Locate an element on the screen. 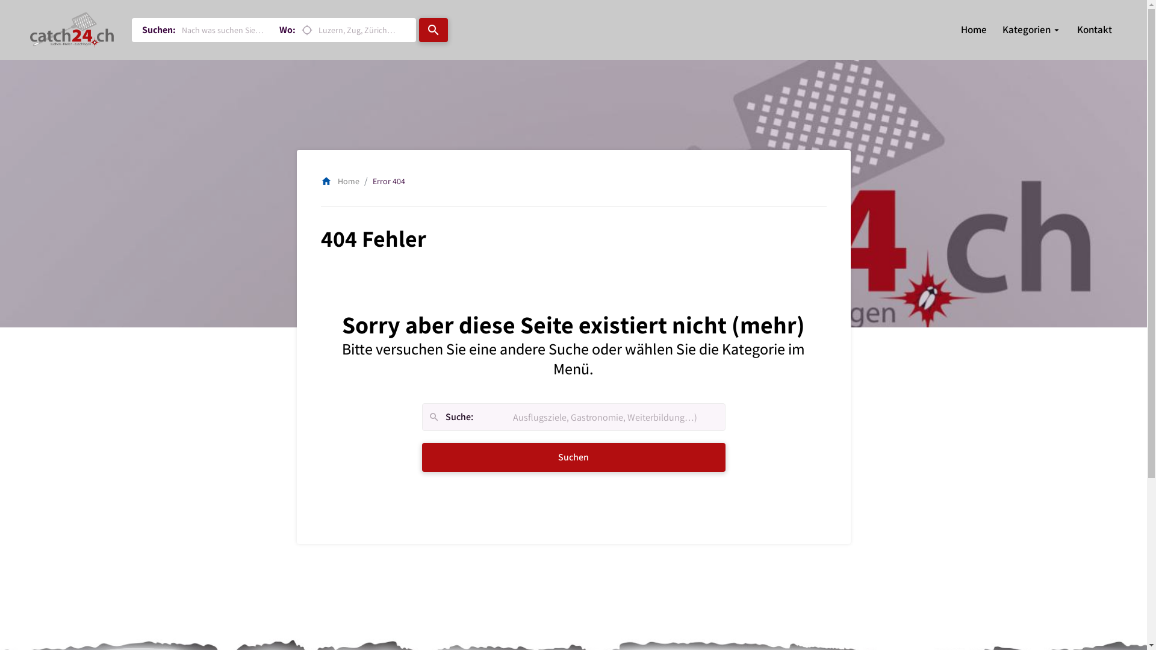 Image resolution: width=1156 pixels, height=650 pixels. 'Home' is located at coordinates (974, 29).